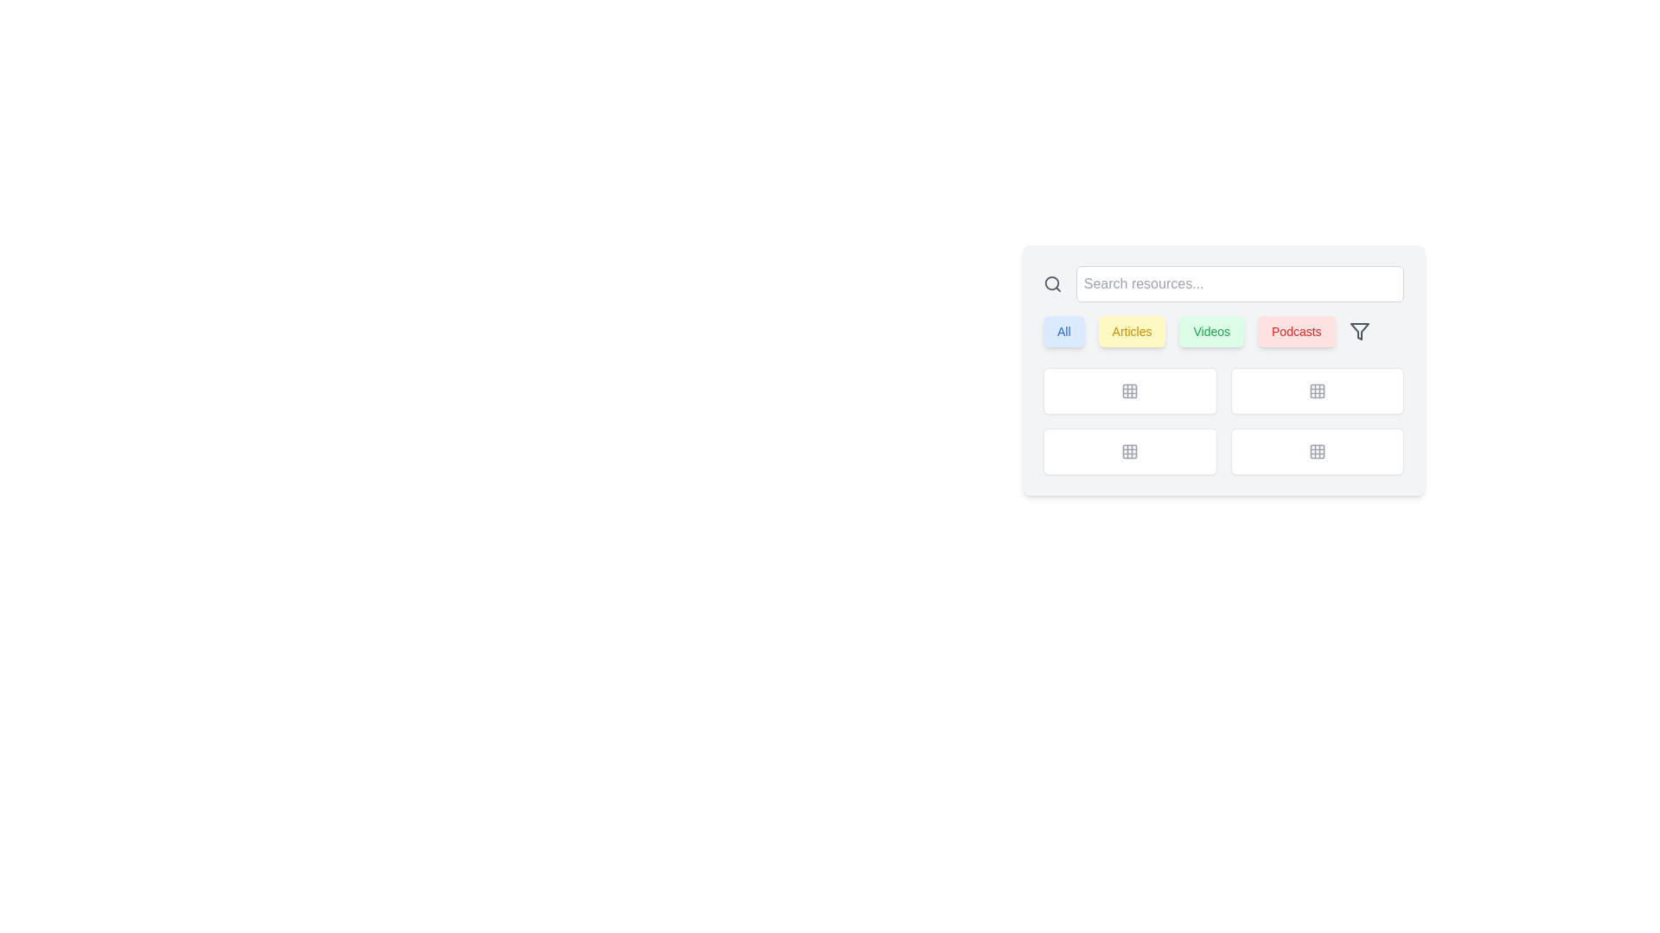  Describe the element at coordinates (1129, 390) in the screenshot. I see `the top-left square cell in the grid layout` at that location.